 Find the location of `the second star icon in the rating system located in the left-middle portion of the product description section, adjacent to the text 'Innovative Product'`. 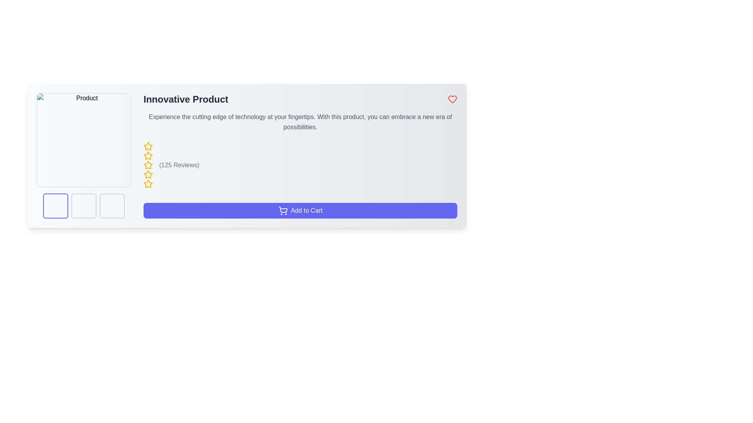

the second star icon in the rating system located in the left-middle portion of the product description section, adjacent to the text 'Innovative Product' is located at coordinates (148, 155).